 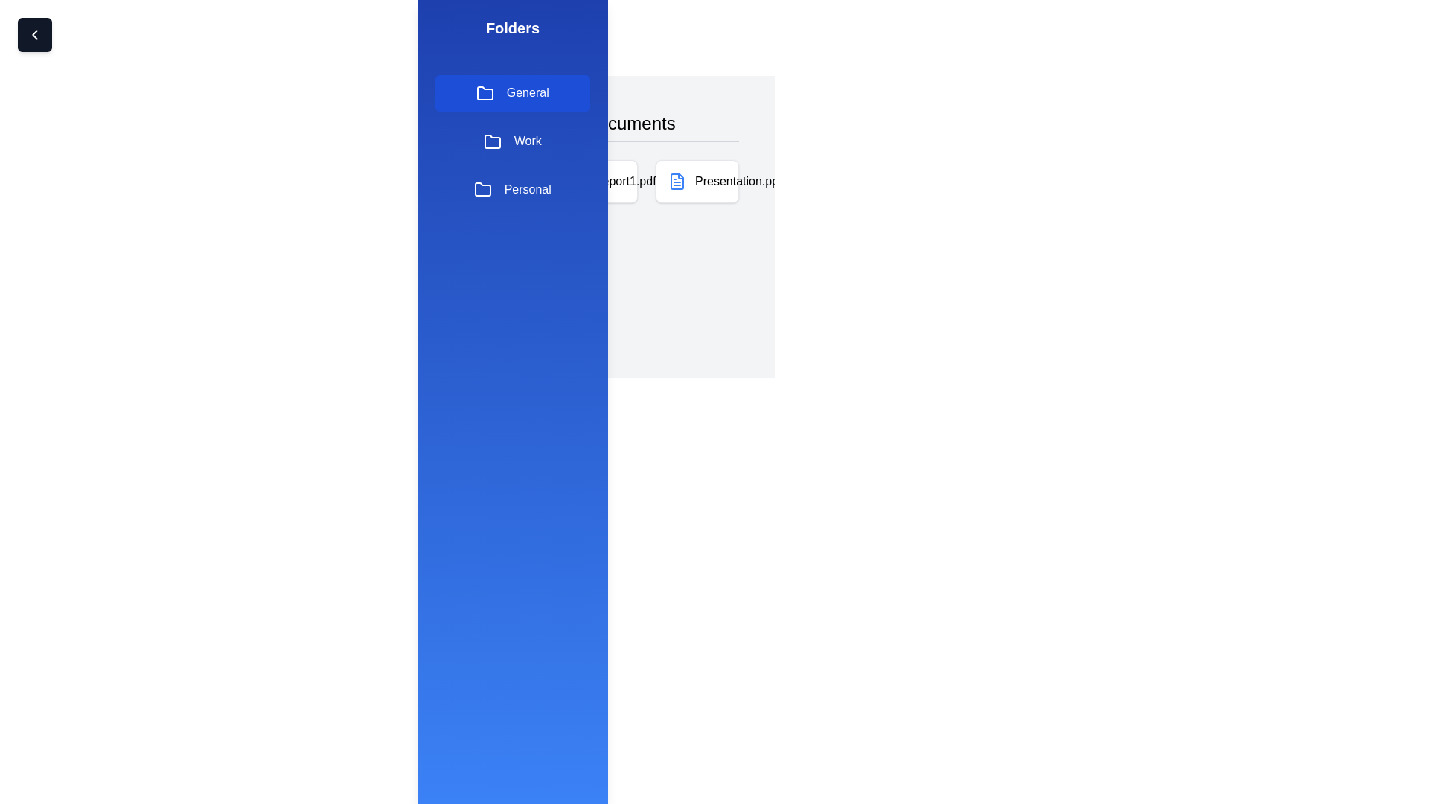 I want to click on the 'Personal' category button styled as a list item with an icon and text, so click(x=513, y=188).